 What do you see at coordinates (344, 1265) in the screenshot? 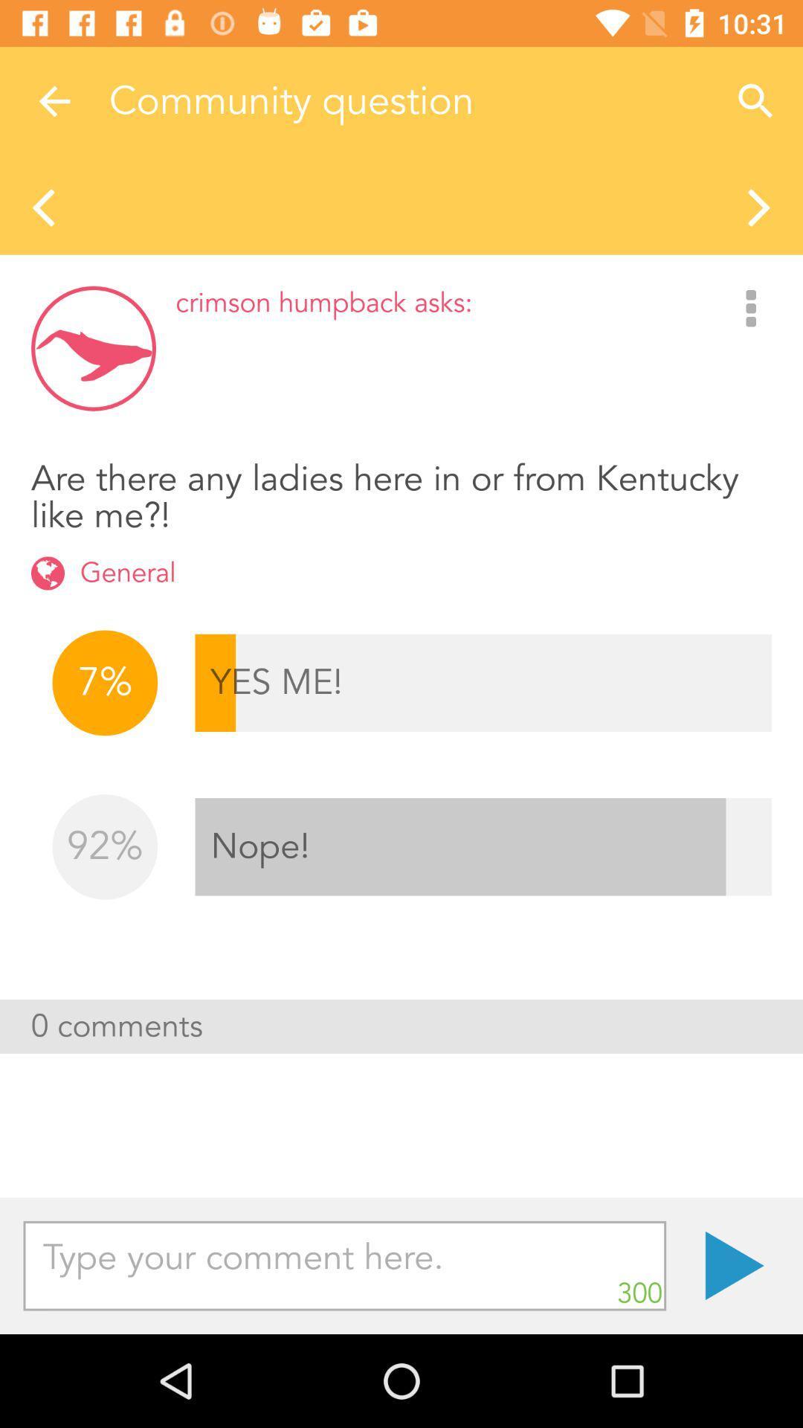
I see `type comment in this box` at bounding box center [344, 1265].